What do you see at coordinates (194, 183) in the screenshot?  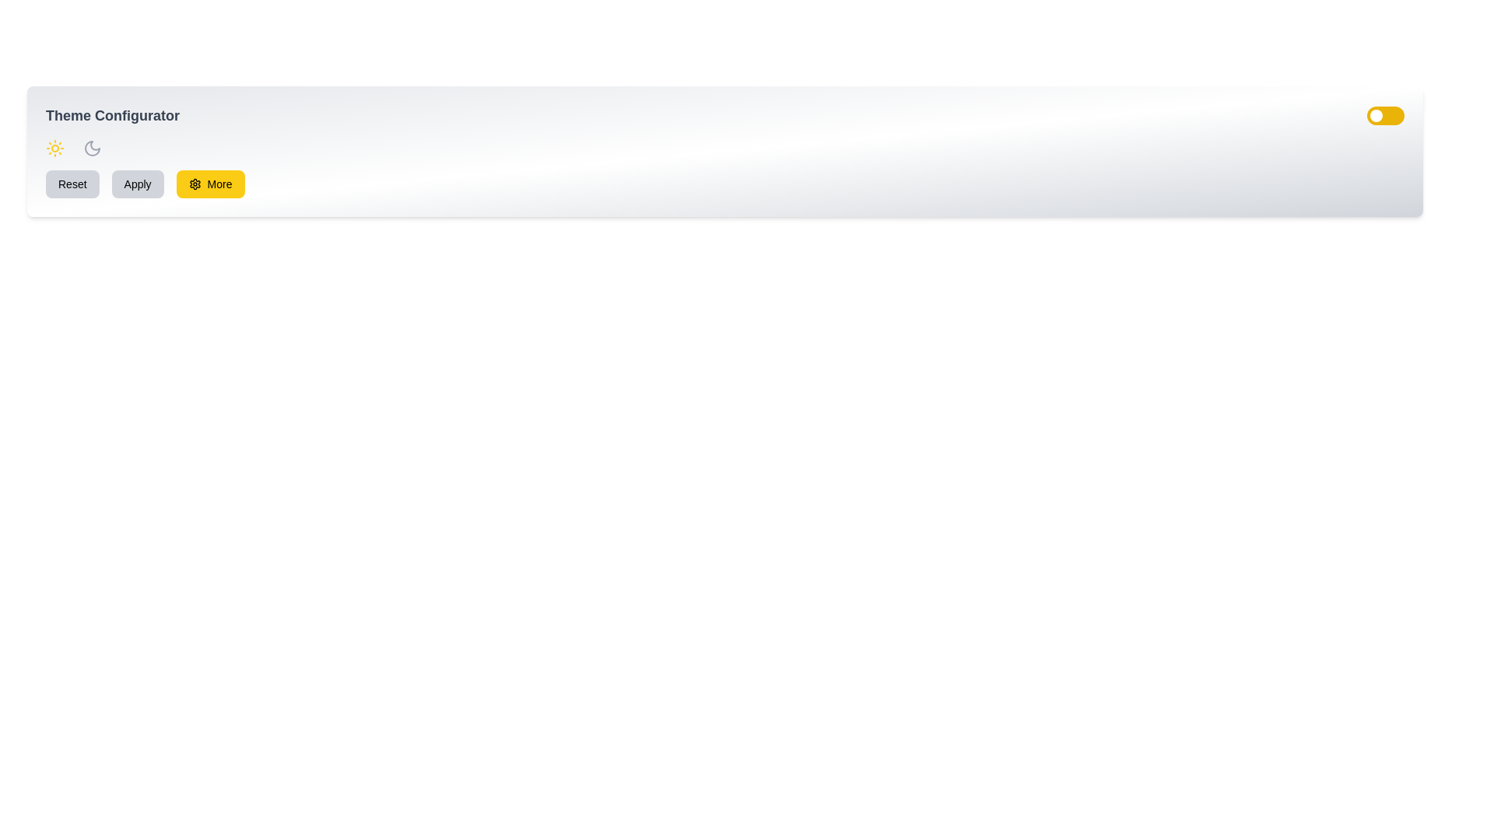 I see `the ornamental gear icon that is part of the 'More' button in the 'Theme Configurator' interface` at bounding box center [194, 183].